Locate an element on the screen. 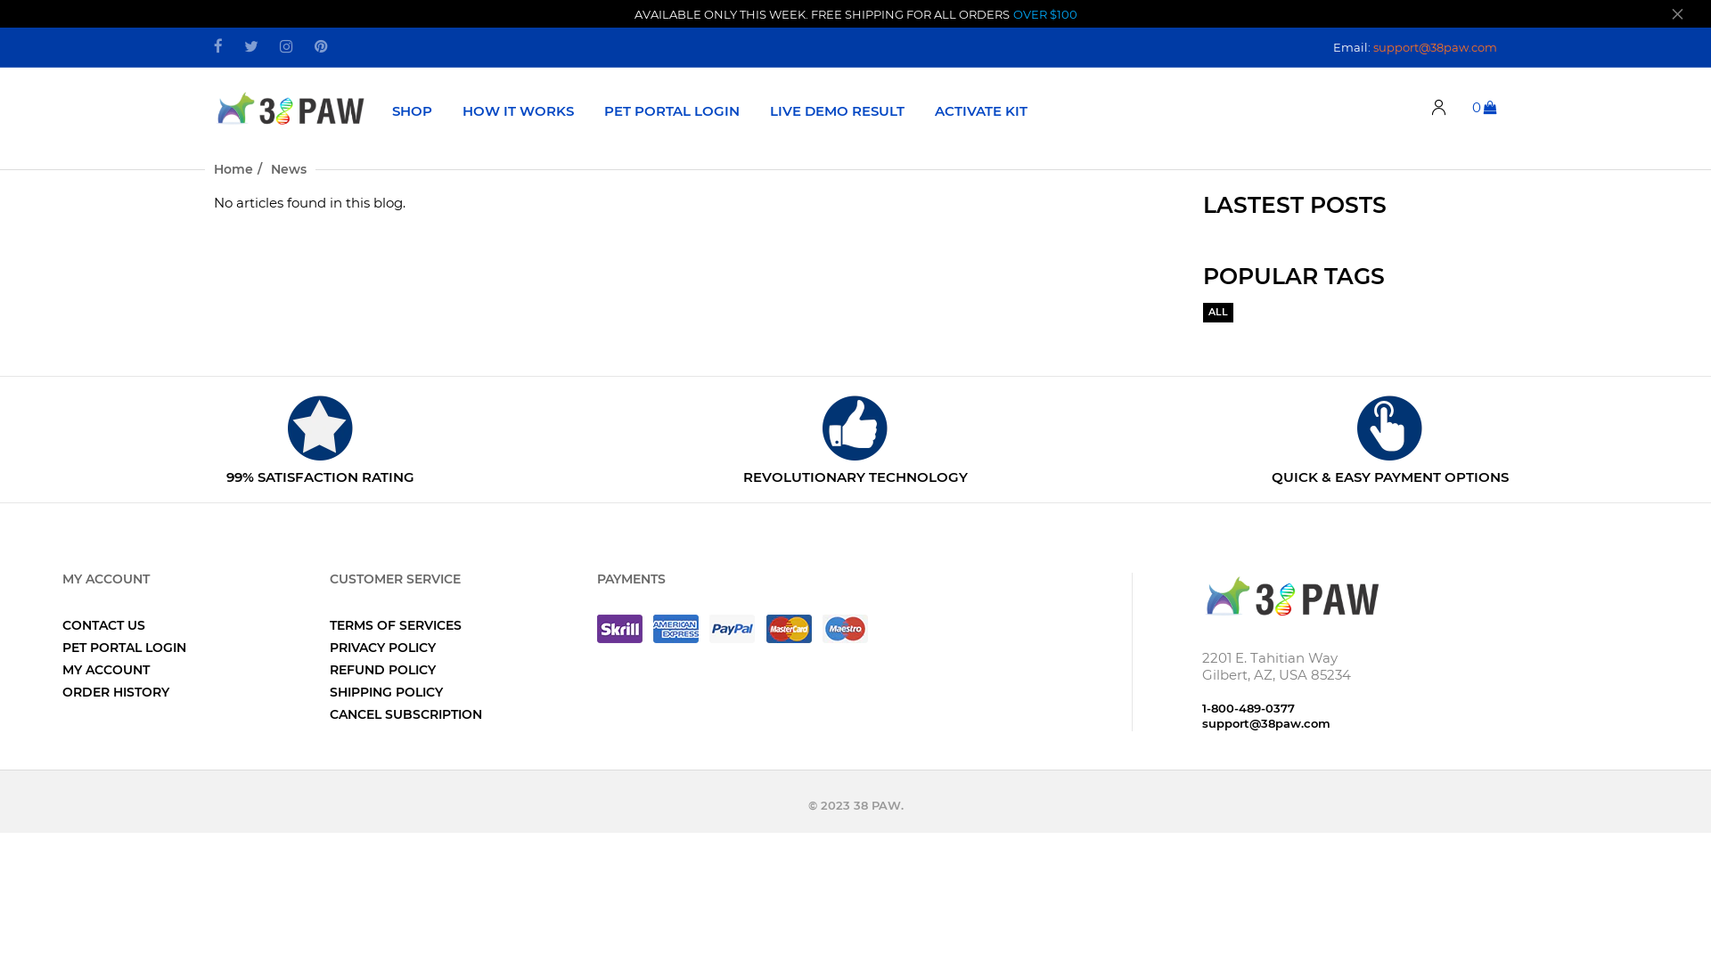  'PET PORTAL LOGIN' is located at coordinates (123, 647).